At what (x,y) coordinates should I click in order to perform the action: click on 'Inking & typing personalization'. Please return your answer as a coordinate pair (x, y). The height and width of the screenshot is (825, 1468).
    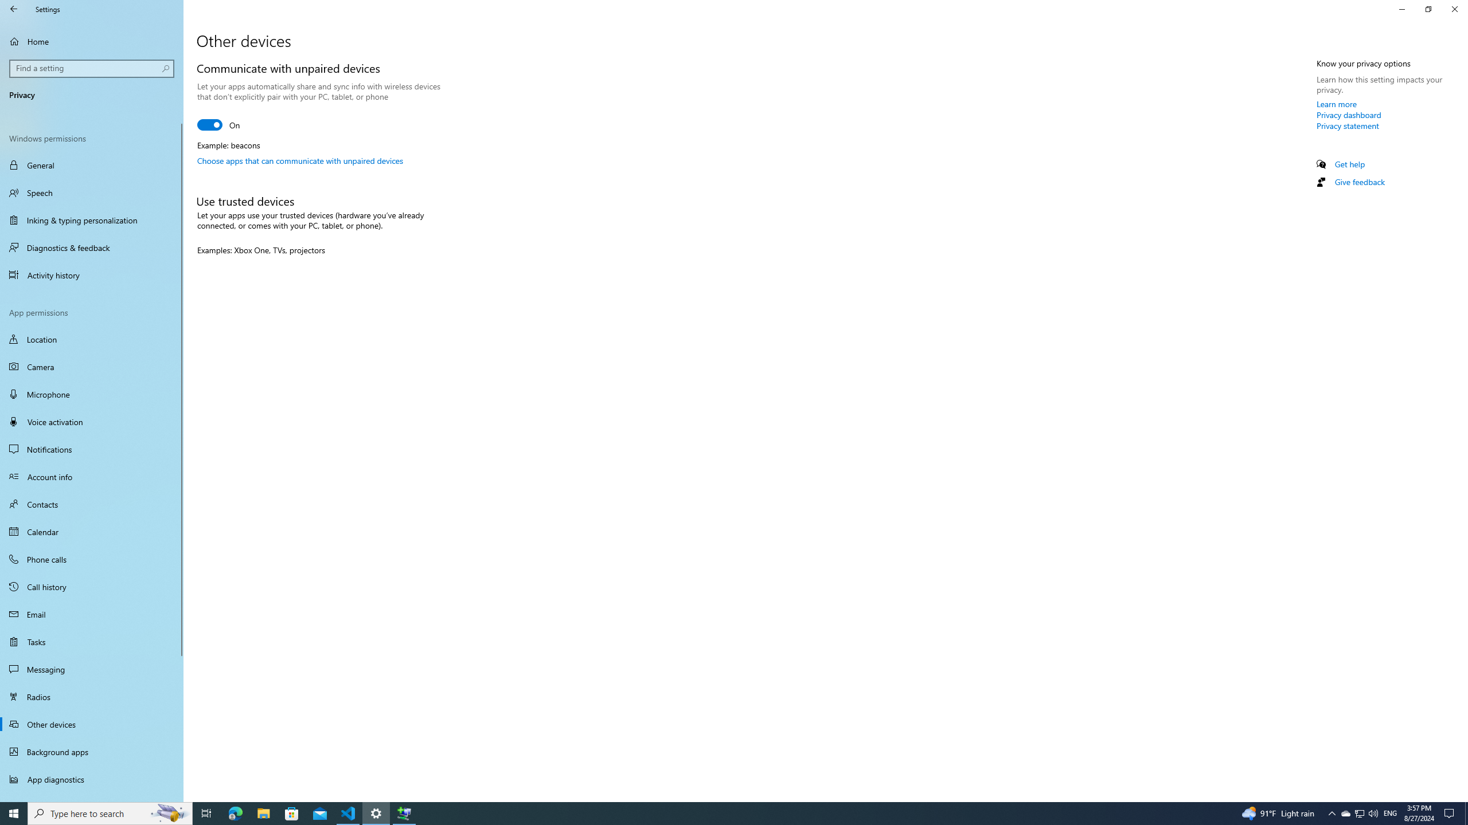
    Looking at the image, I should click on (91, 219).